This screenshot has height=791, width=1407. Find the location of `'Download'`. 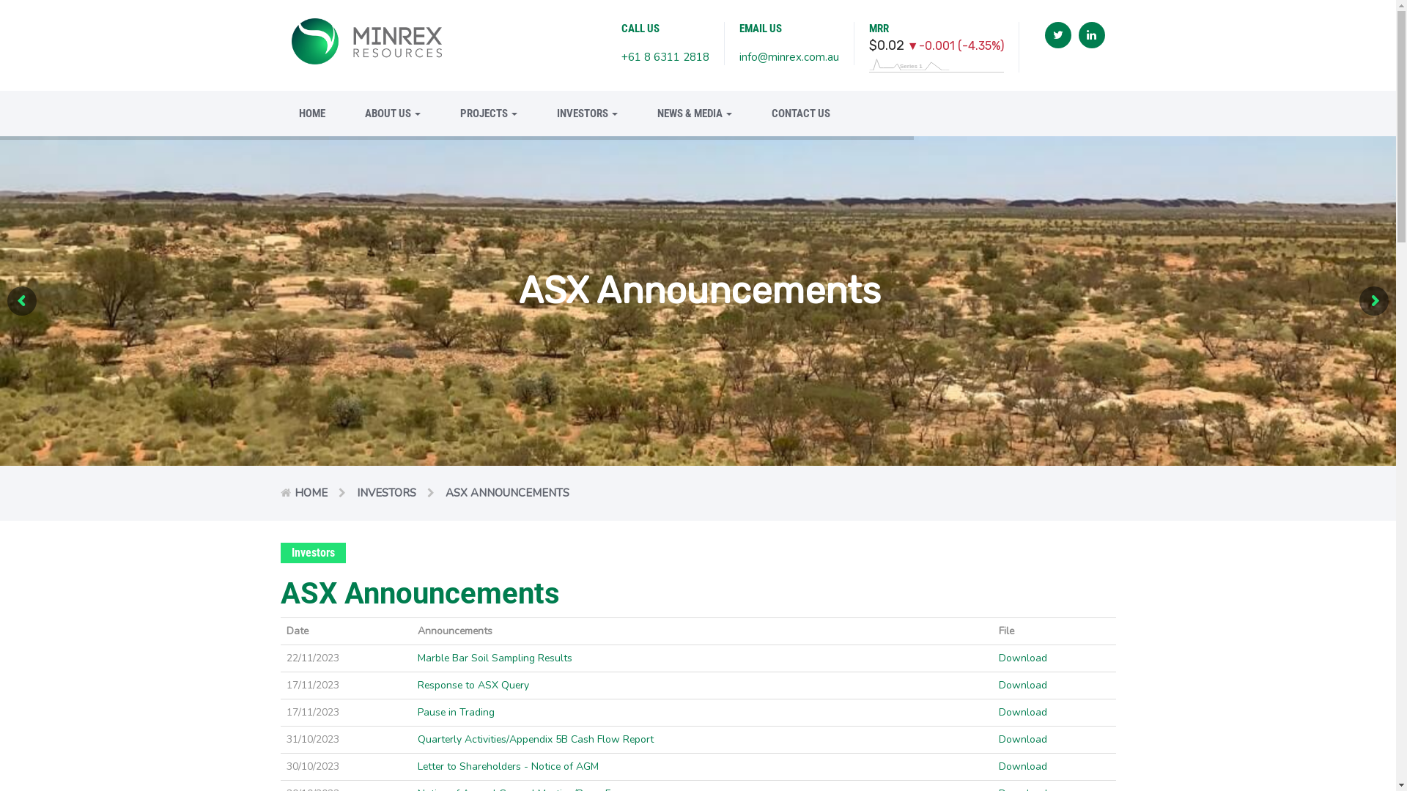

'Download' is located at coordinates (998, 739).